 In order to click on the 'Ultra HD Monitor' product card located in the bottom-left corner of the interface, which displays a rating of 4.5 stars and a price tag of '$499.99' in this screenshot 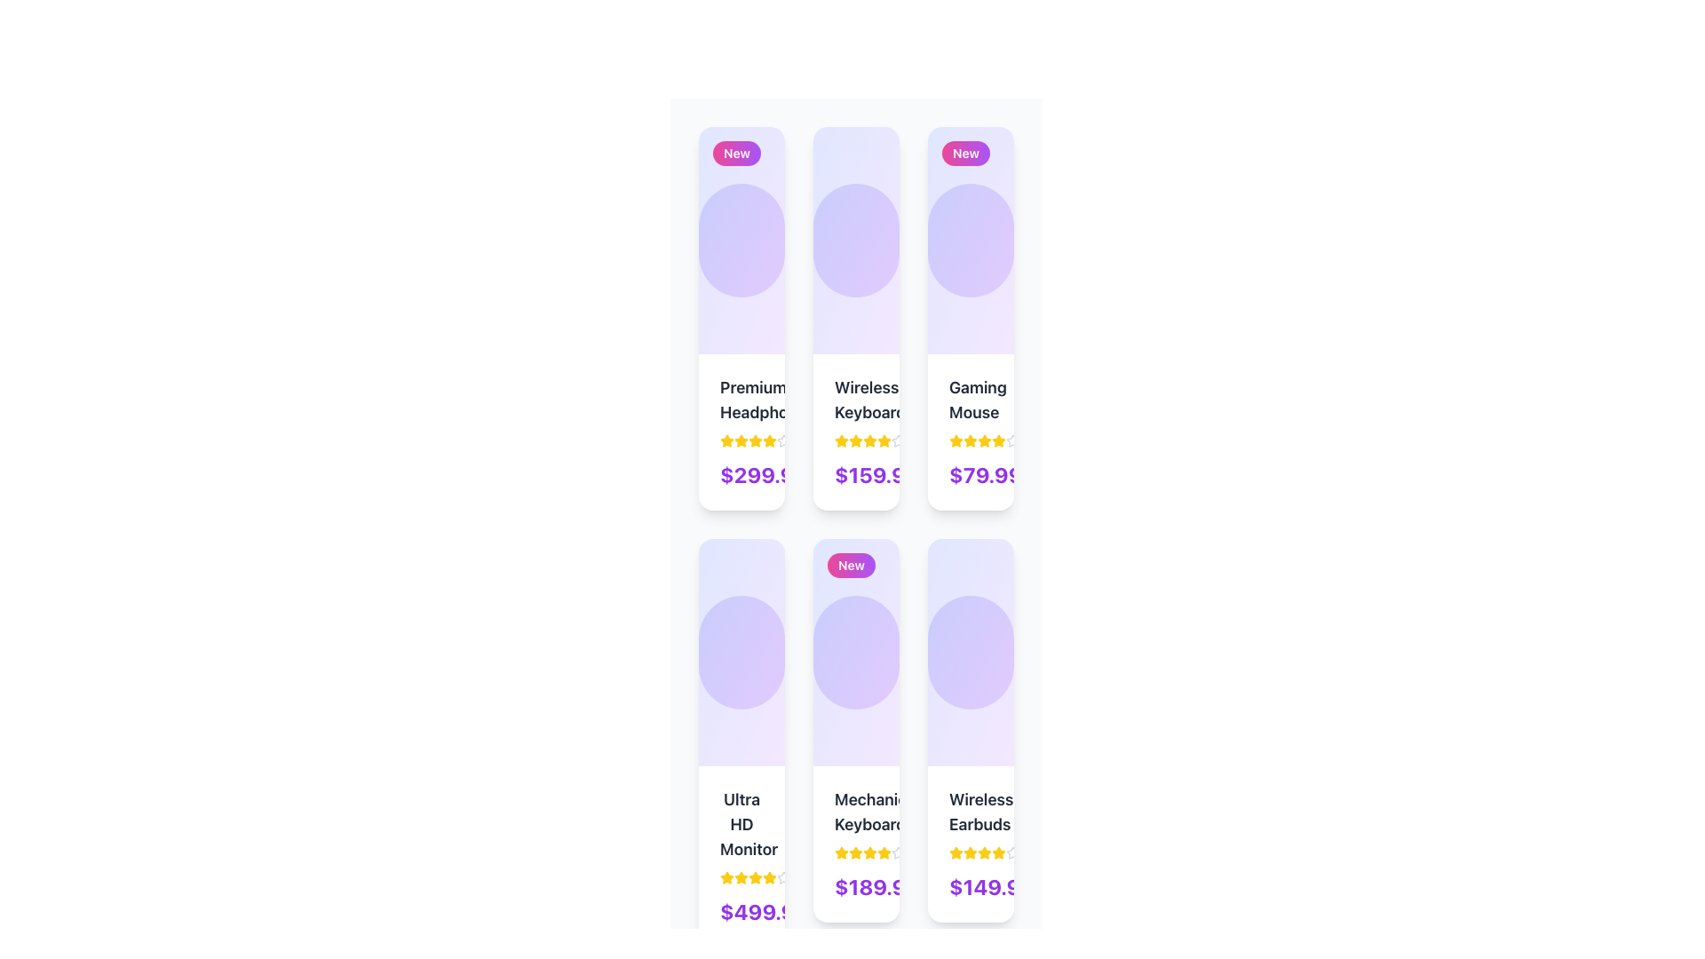, I will do `click(741, 855)`.